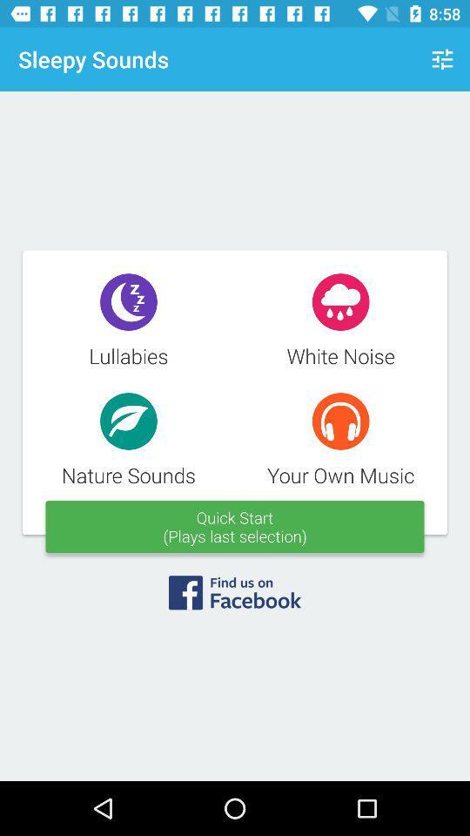 The height and width of the screenshot is (836, 470). What do you see at coordinates (442, 59) in the screenshot?
I see `icon at the top right corner` at bounding box center [442, 59].